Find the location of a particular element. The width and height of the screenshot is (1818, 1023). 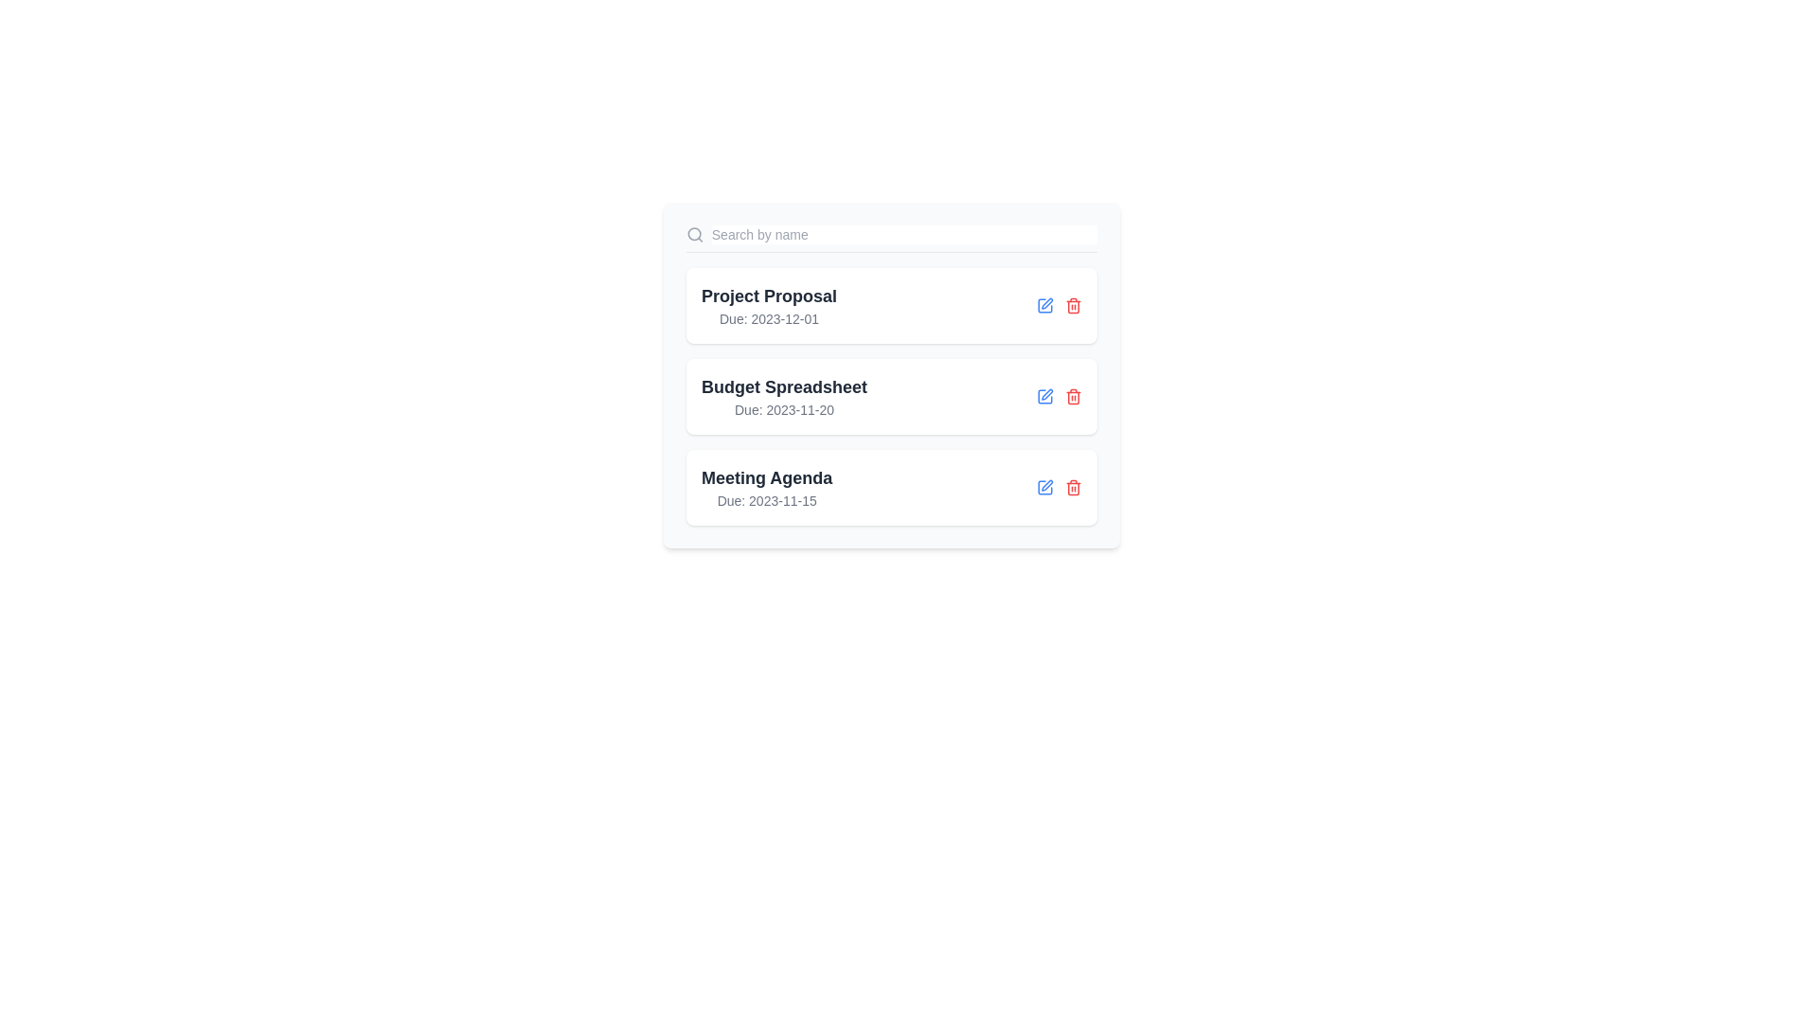

the edit icon for the item named Project Proposal is located at coordinates (1044, 305).